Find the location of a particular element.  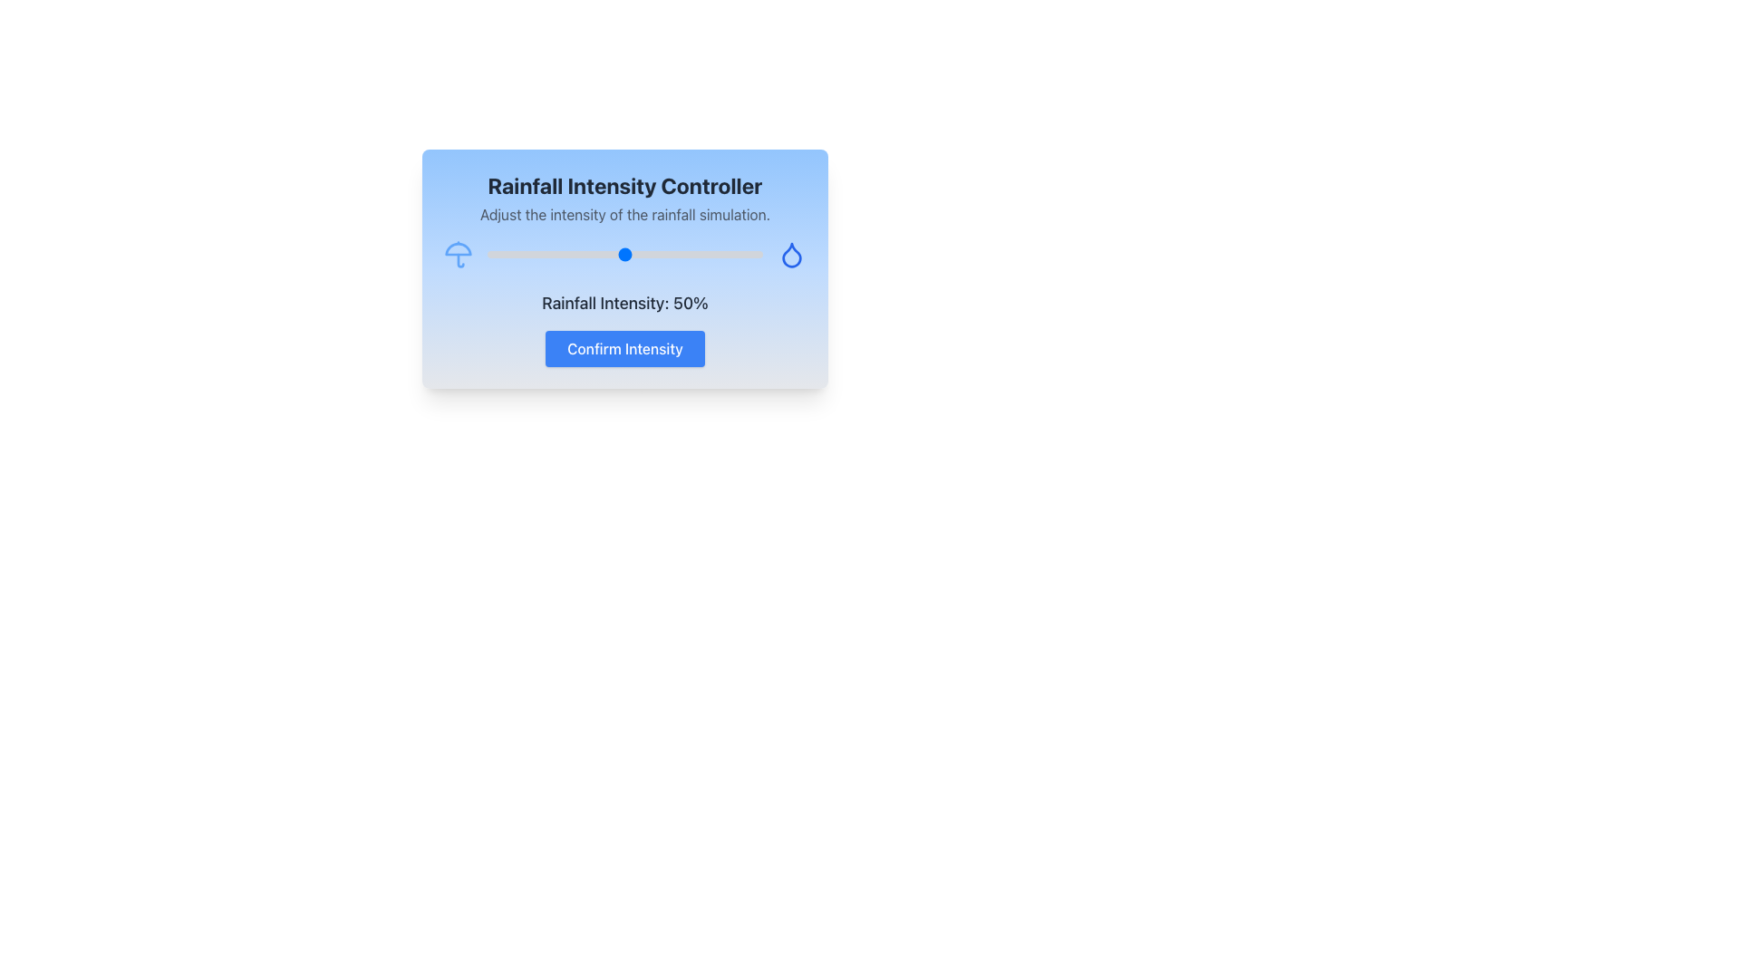

the rainfall intensity is located at coordinates (732, 255).